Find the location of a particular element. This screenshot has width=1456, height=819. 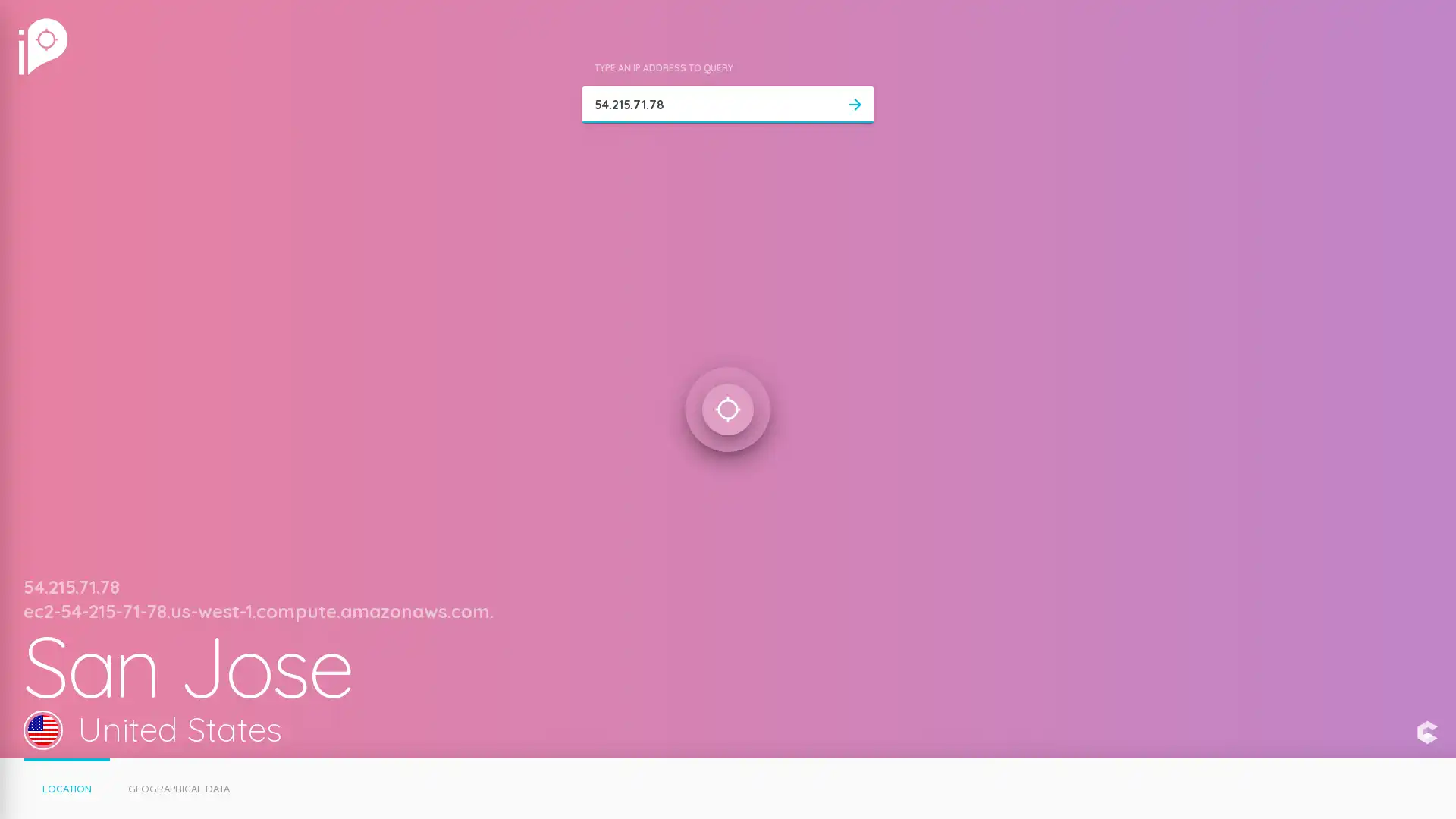

arrow_forward is located at coordinates (855, 104).